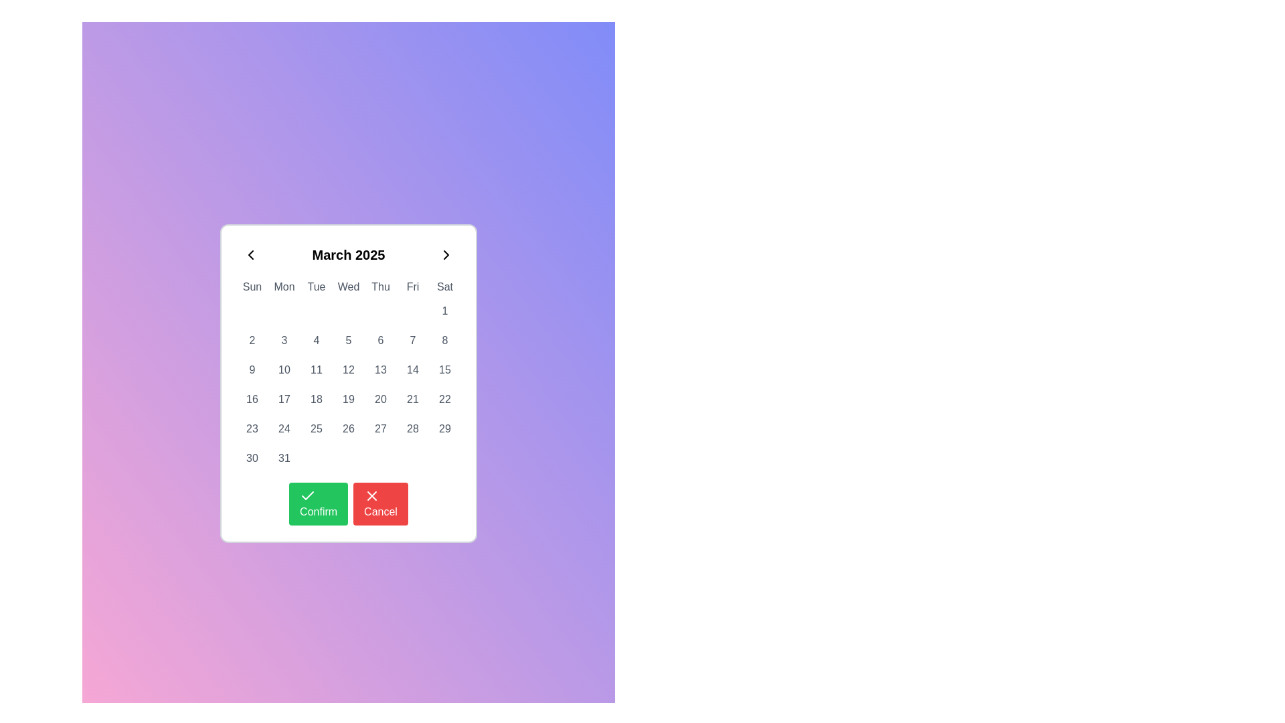  I want to click on the static text display that shows the currently selected month and year in the calendar widget, positioned at the top of the calendar interface, so click(349, 255).